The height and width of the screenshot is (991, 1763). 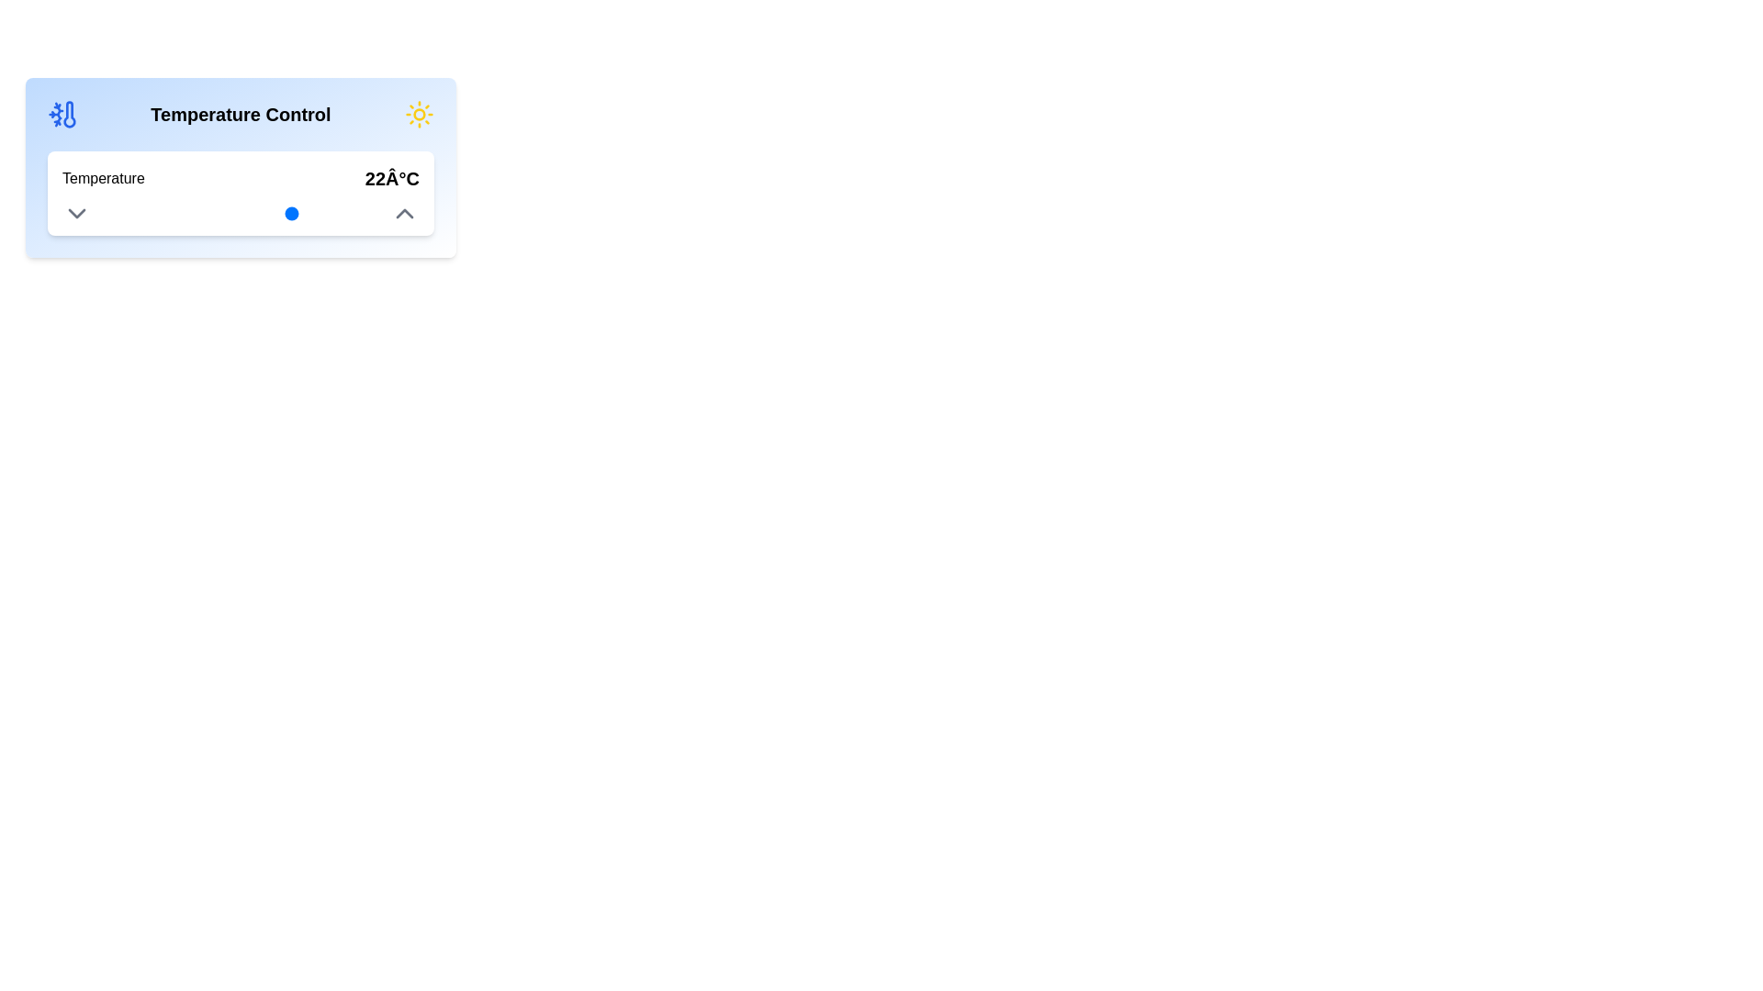 I want to click on the temperature, so click(x=317, y=212).